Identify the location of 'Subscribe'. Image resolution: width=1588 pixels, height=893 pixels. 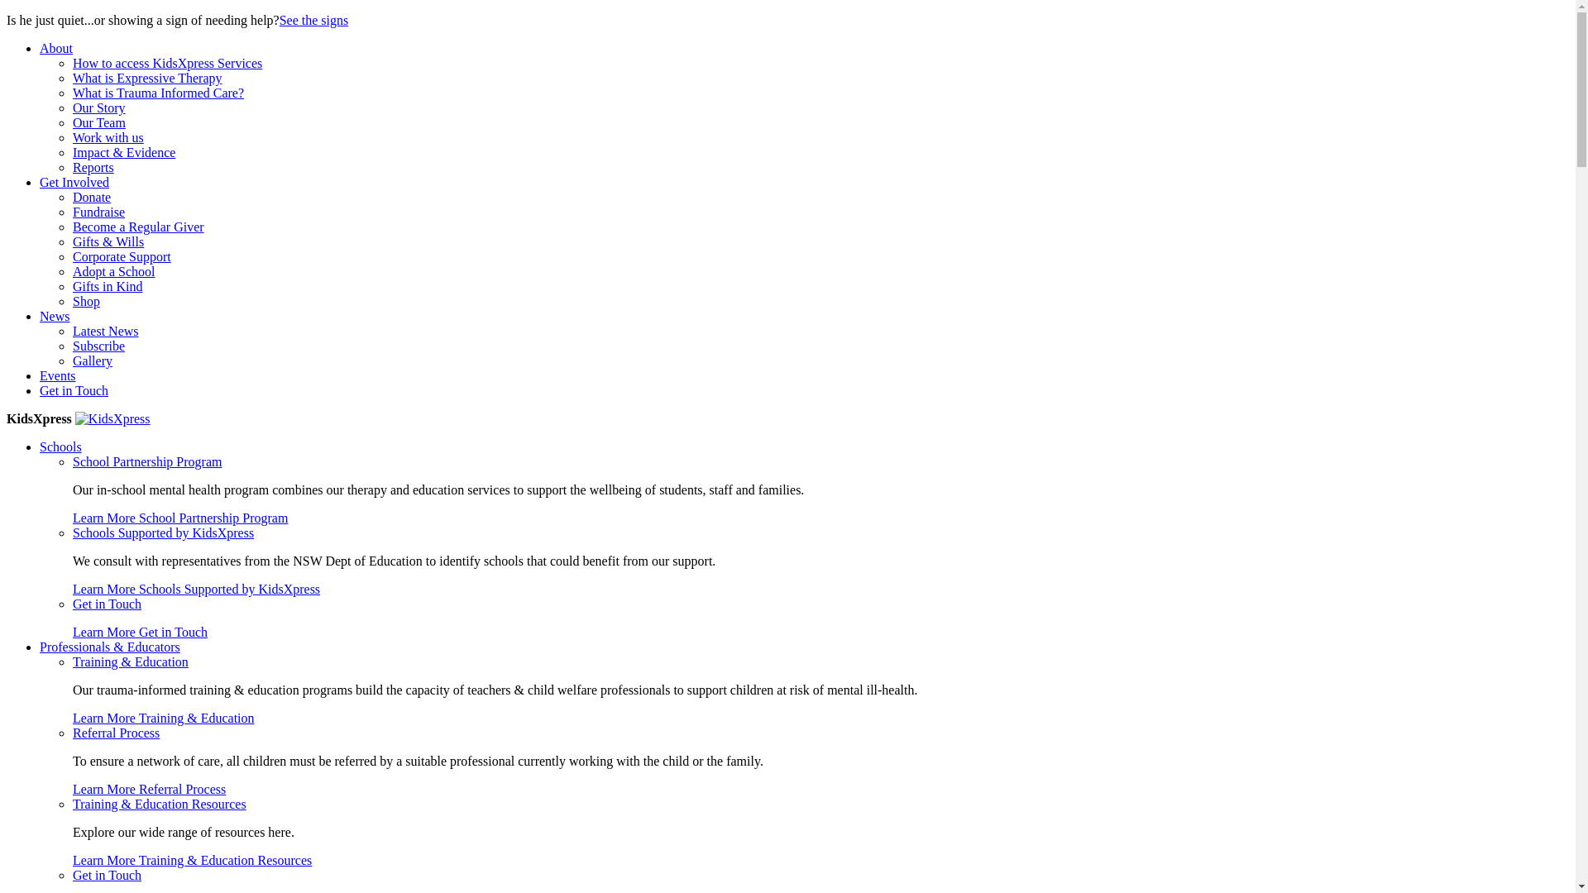
(98, 345).